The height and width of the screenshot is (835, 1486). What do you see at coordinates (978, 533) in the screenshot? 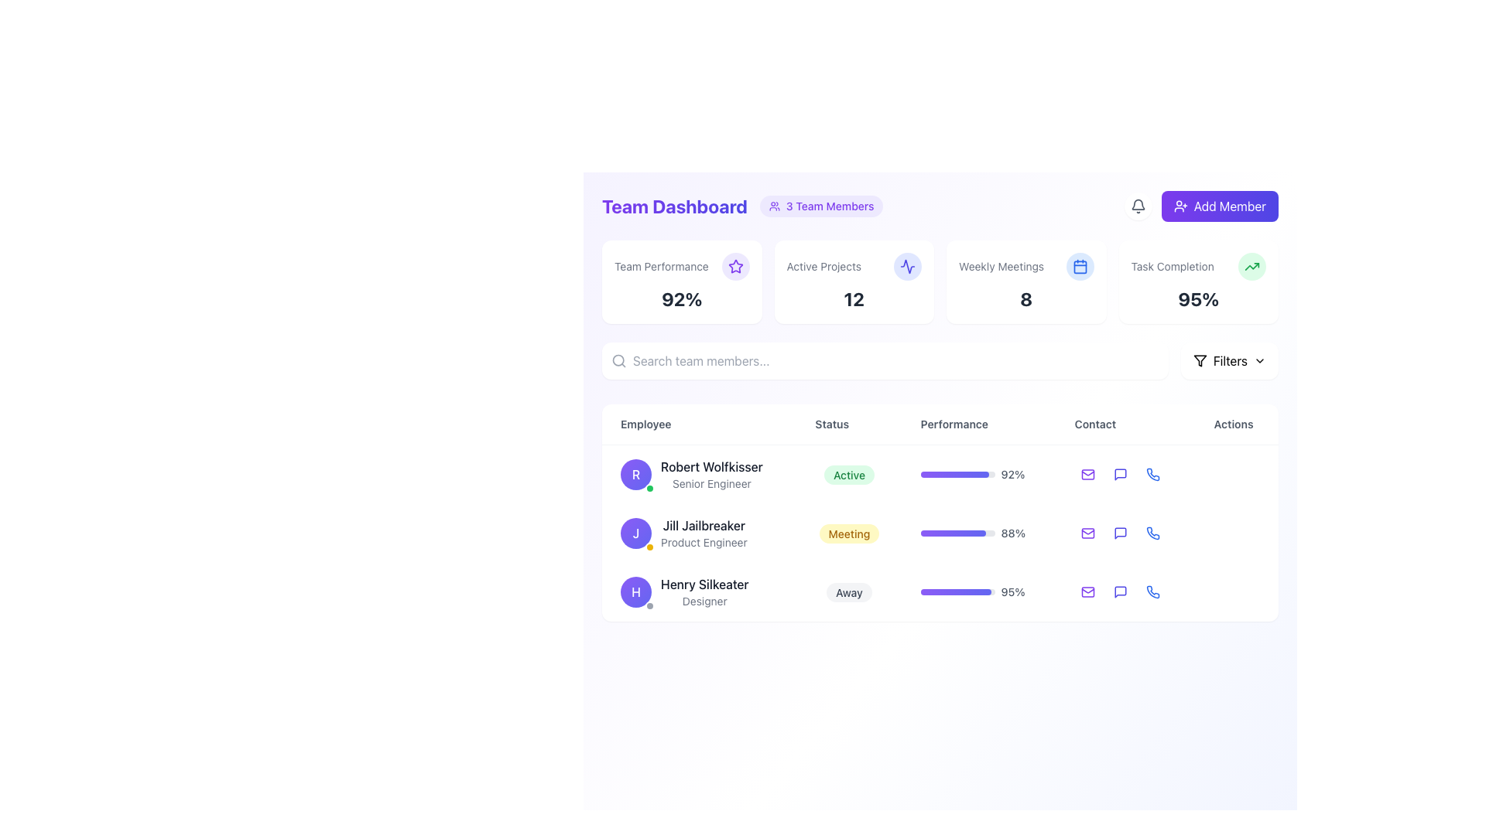
I see `the progress bar with a textual indicator showing '88%' for accessibility tools` at bounding box center [978, 533].